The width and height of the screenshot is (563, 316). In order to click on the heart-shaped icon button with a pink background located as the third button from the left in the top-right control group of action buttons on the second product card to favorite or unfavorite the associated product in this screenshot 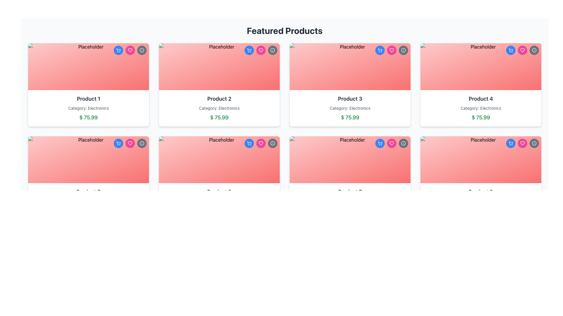, I will do `click(260, 50)`.